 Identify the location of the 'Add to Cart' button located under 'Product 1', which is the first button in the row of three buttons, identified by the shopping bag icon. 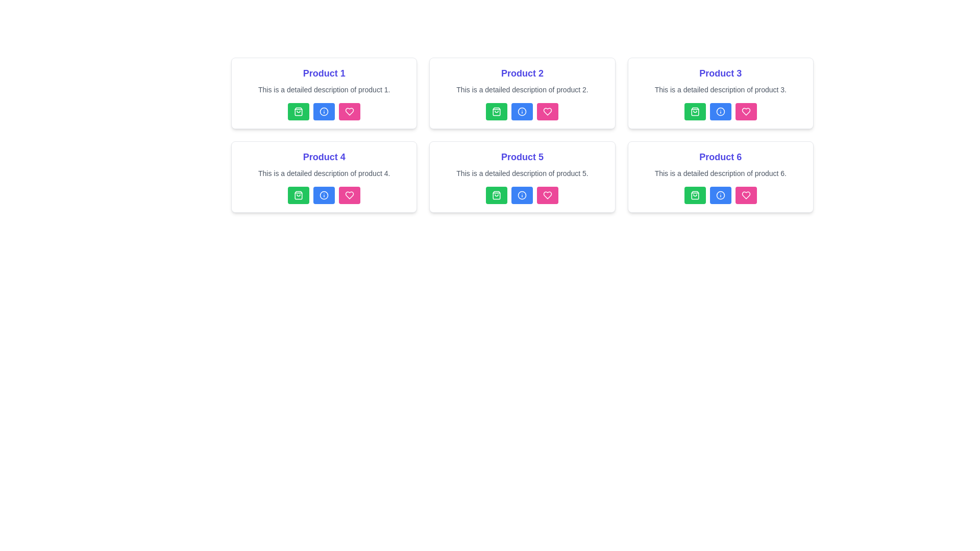
(298, 112).